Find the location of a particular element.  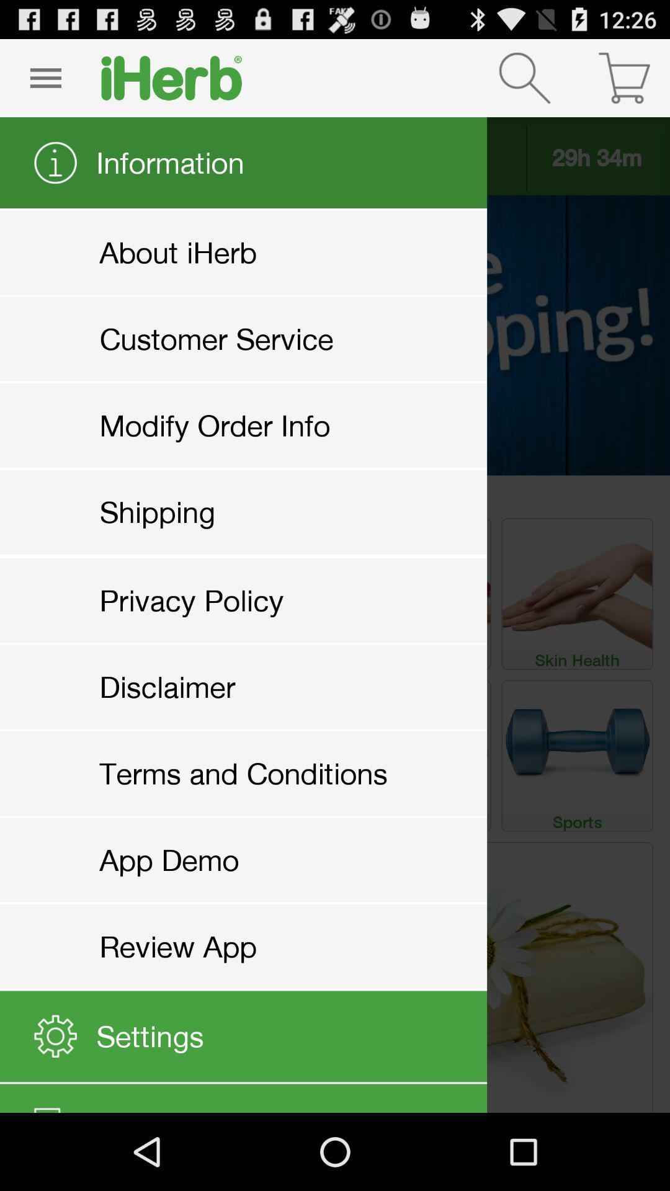

the menu icon is located at coordinates (45, 83).